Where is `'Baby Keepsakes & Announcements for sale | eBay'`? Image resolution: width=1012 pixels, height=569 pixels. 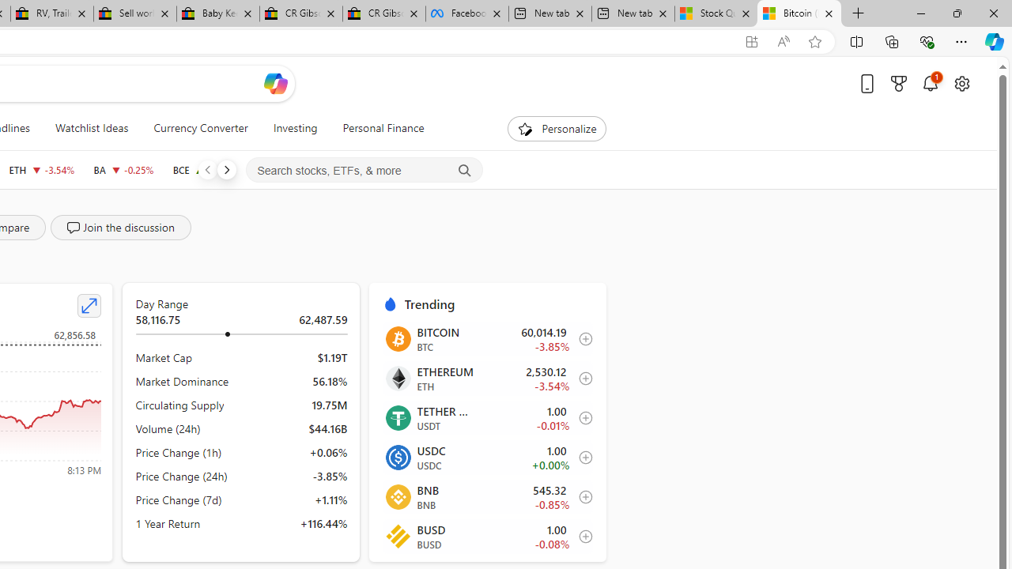 'Baby Keepsakes & Announcements for sale | eBay' is located at coordinates (217, 13).